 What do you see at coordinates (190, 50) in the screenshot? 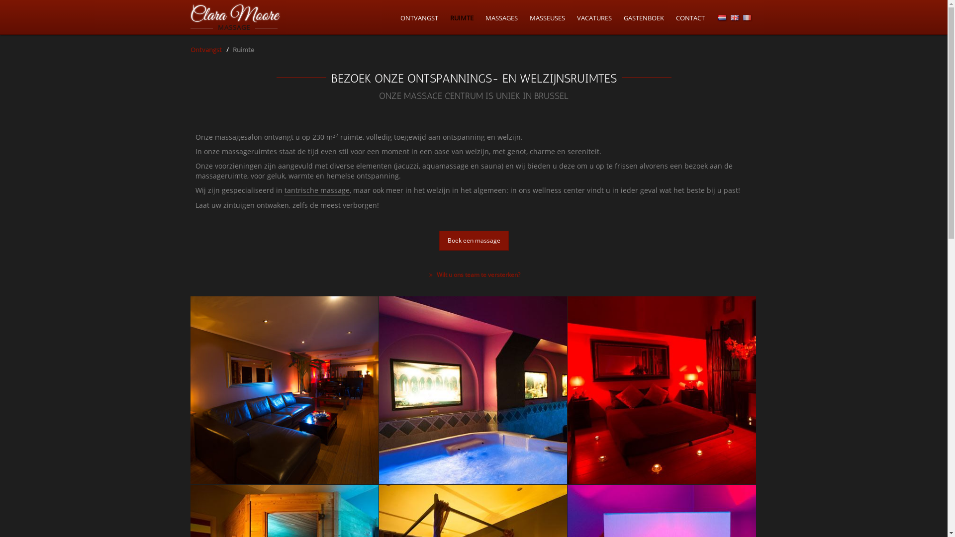
I see `'Ontvangst'` at bounding box center [190, 50].